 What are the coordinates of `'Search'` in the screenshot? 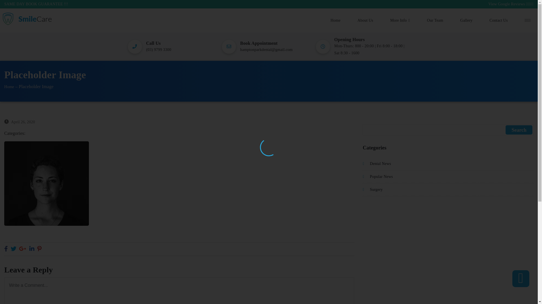 It's located at (519, 130).